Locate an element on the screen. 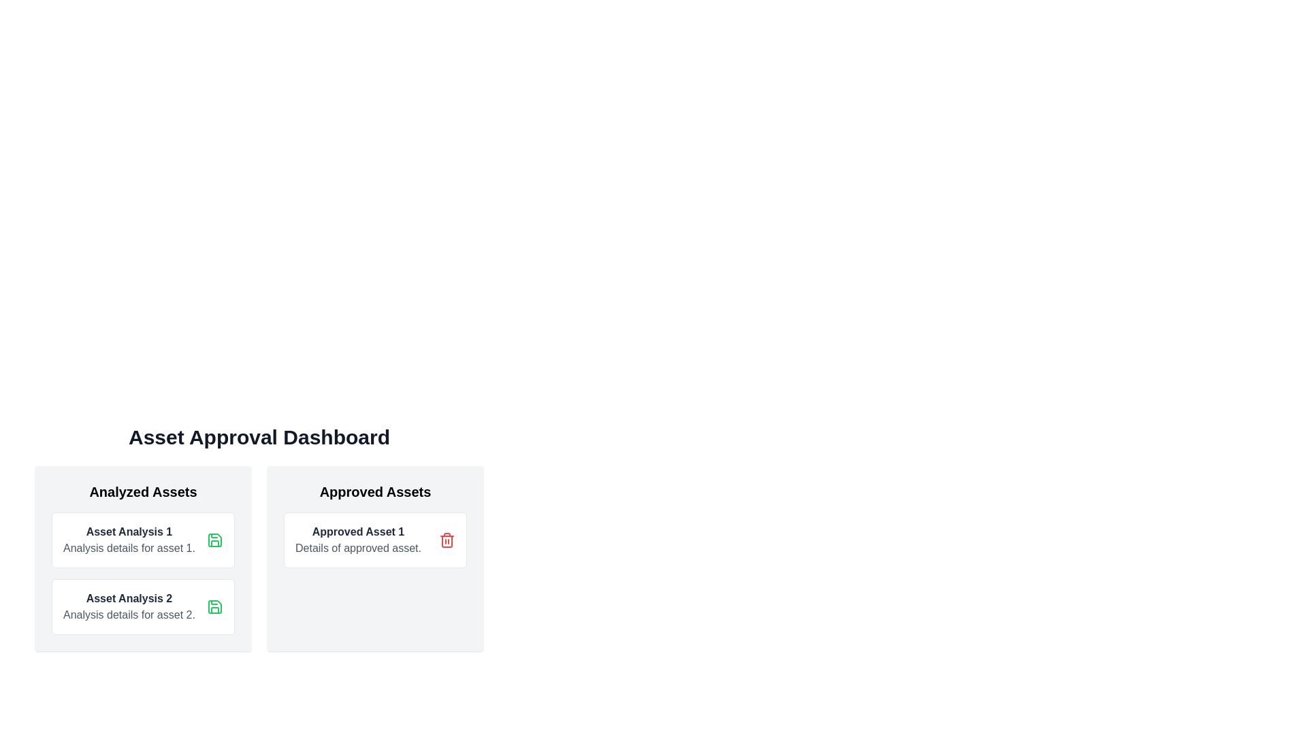  information provided in the text block within the first card of the 'Analyzed Assets' section, located on the left side of the layout is located at coordinates (129, 540).